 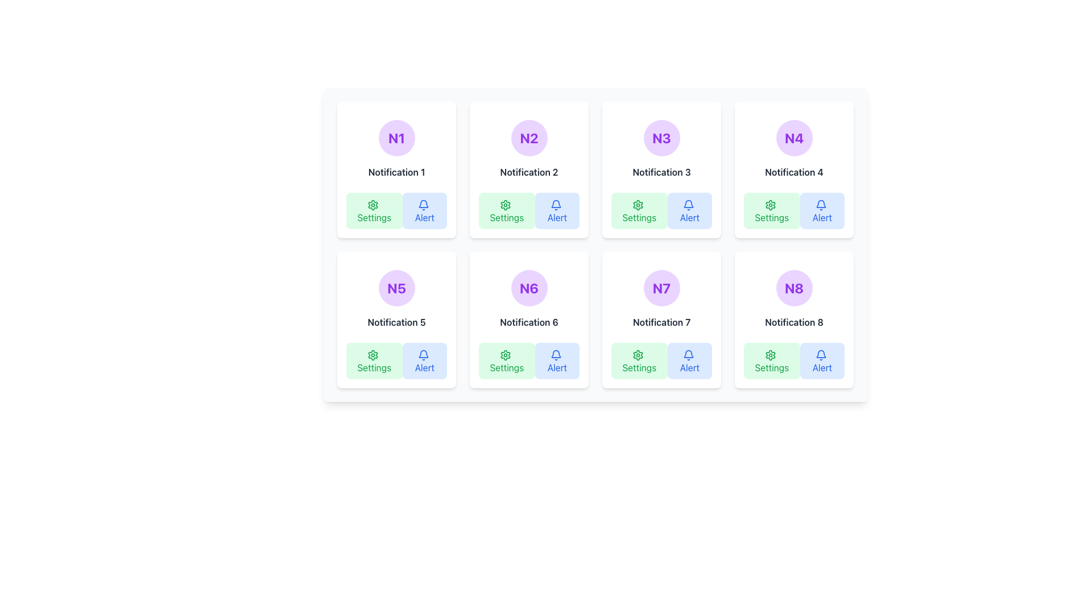 What do you see at coordinates (396, 287) in the screenshot?
I see `the circular badge with a violet background displaying 'N5', located in the second row and first column of the grid layout` at bounding box center [396, 287].